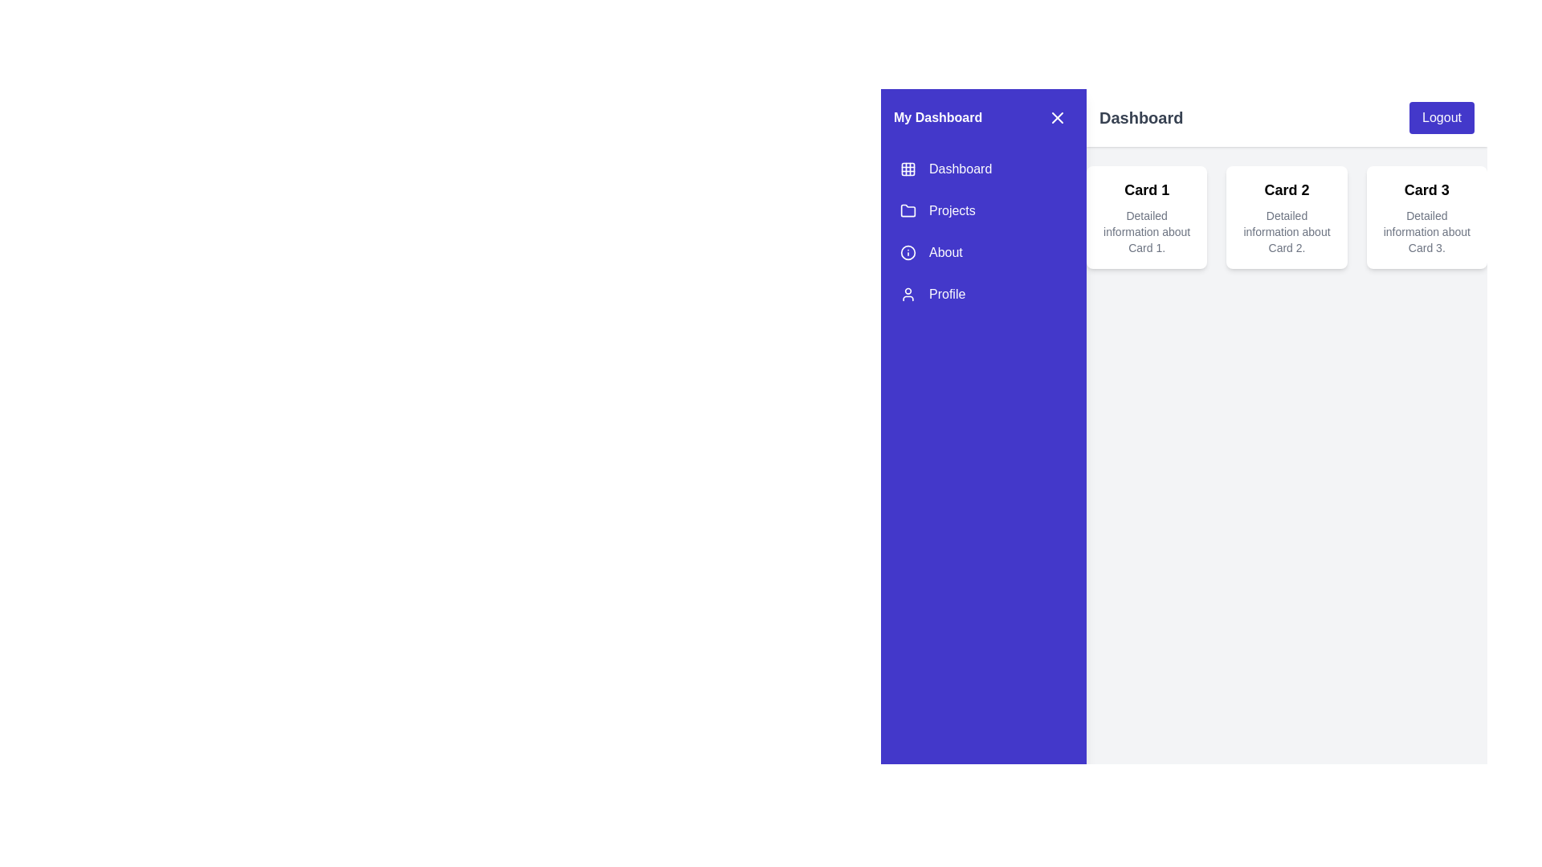 The width and height of the screenshot is (1542, 867). I want to click on the 'About' text label, which is the fourth menu item in the sidebar, so click(945, 253).